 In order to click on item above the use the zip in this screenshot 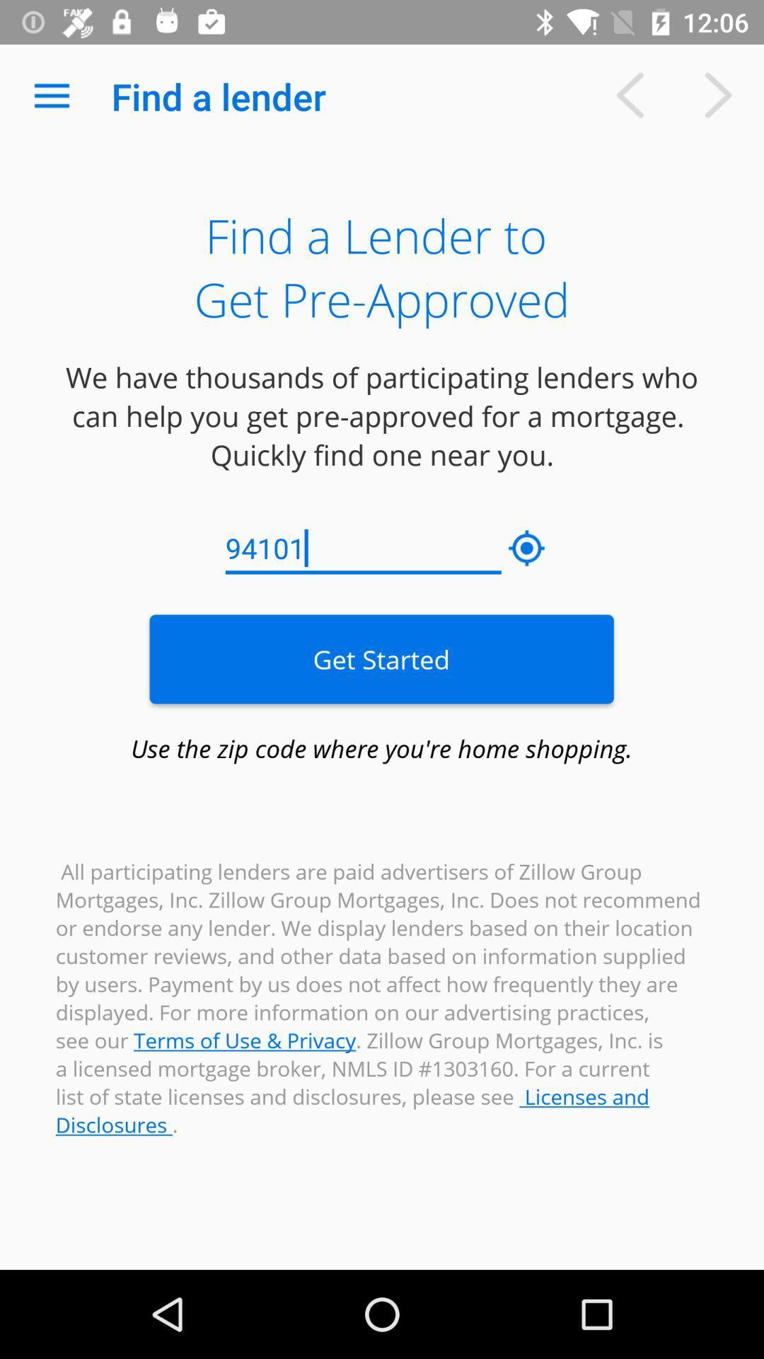, I will do `click(381, 658)`.